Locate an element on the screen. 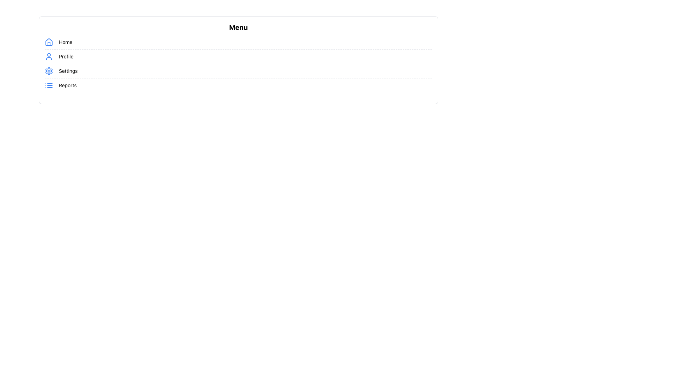  the house icon, which is a blue, line-based design located at the leftmost side of the 'Home' menu item is located at coordinates (49, 42).